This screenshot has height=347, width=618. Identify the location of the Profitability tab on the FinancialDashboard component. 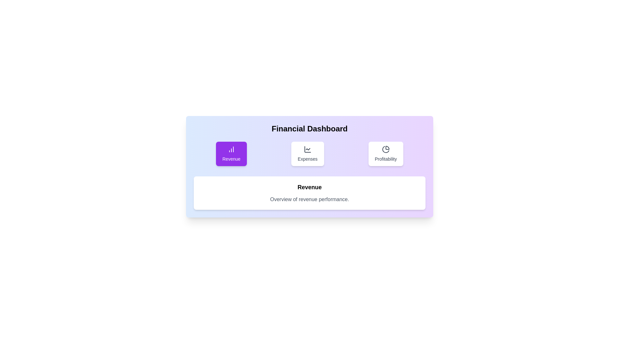
(386, 154).